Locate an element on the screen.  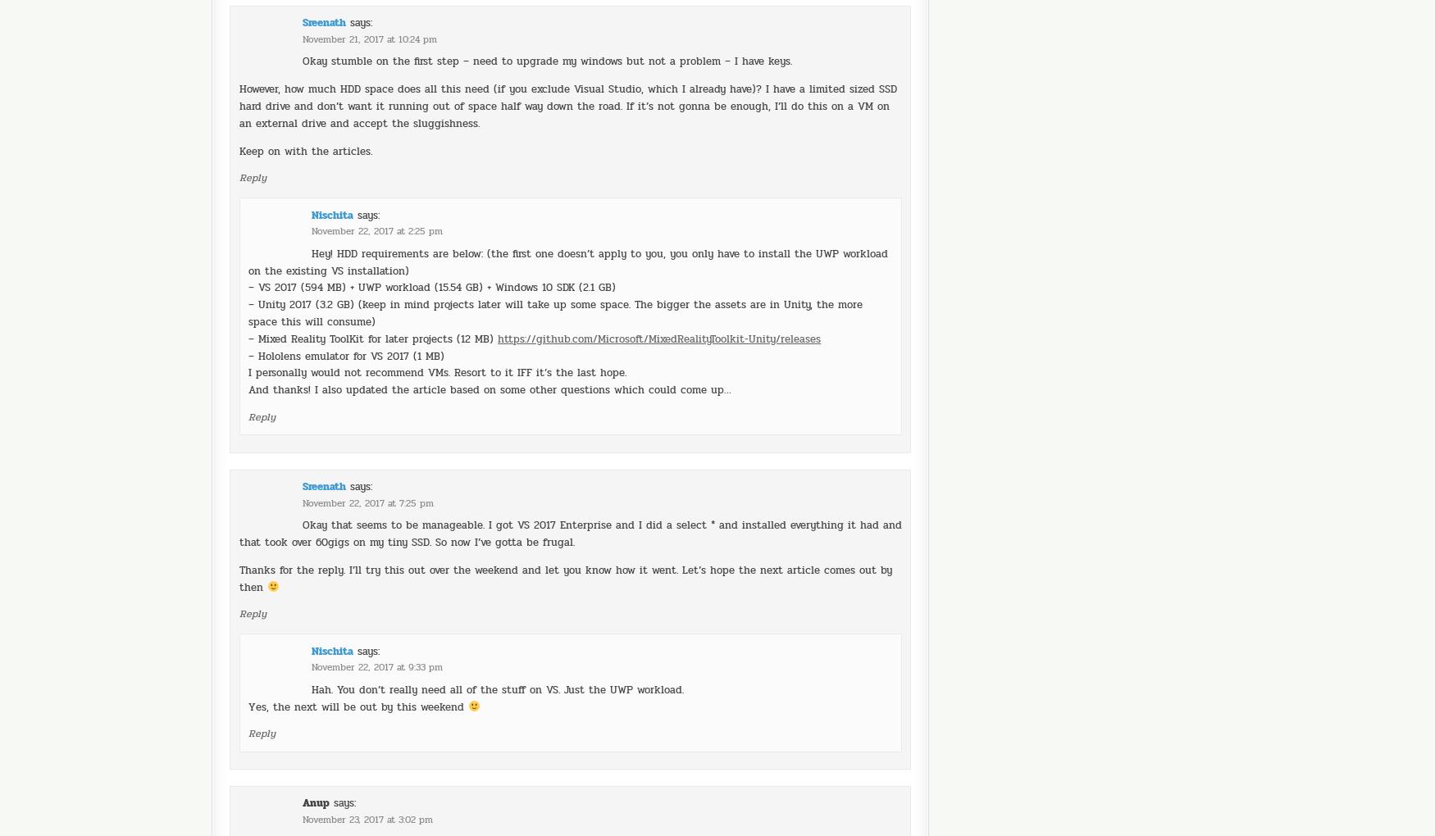
'Okay stumble on the first step – need to upgrade my windows but not a problem – I have keys.' is located at coordinates (545, 15).